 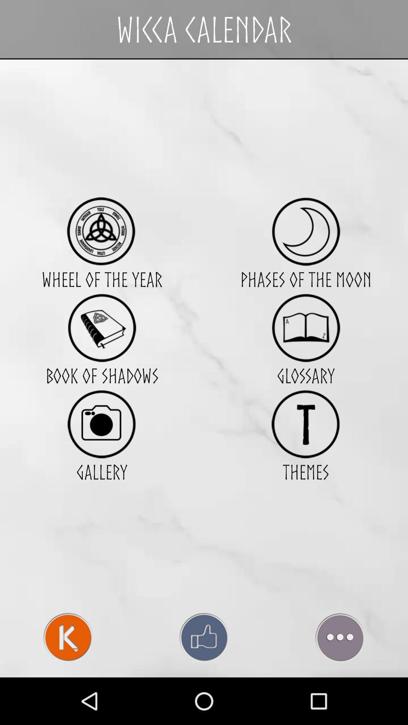 I want to click on access shadow book, so click(x=101, y=328).